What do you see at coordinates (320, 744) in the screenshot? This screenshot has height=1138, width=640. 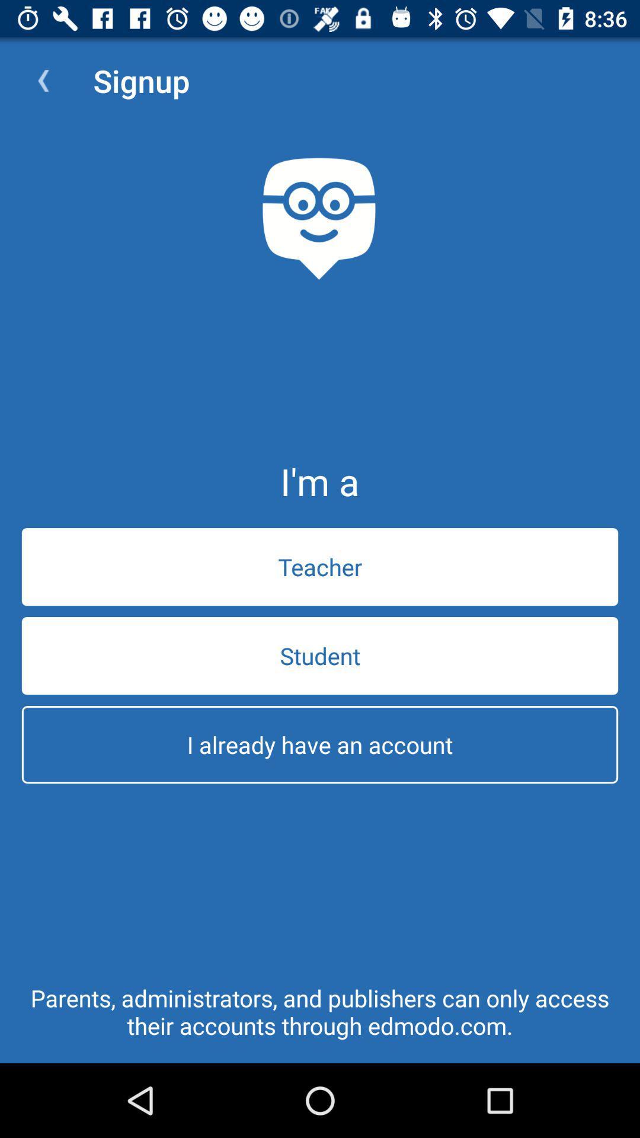 I see `i already have icon` at bounding box center [320, 744].